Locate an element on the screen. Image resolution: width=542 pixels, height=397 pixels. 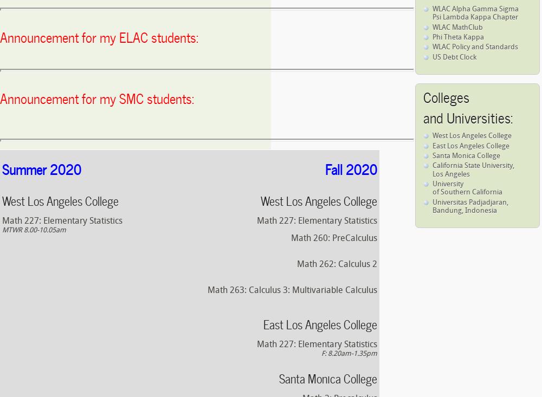
'Fall 2020' is located at coordinates (351, 168).